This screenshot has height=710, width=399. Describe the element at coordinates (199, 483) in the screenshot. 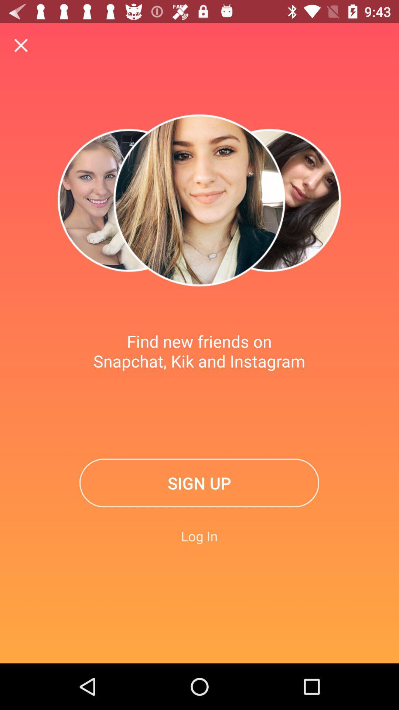

I see `sign up item` at that location.